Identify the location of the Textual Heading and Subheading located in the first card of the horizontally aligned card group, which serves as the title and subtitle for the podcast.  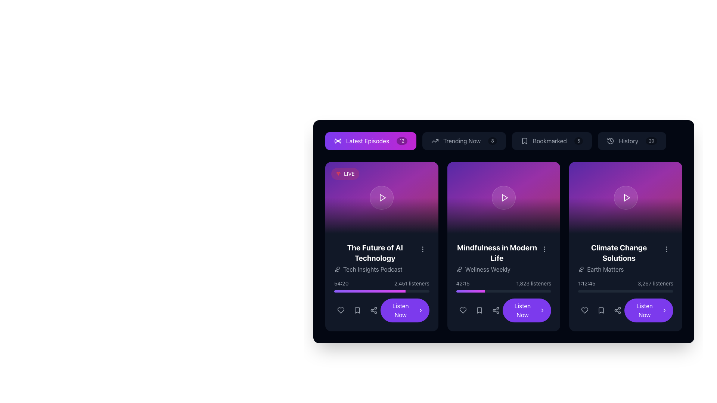
(375, 257).